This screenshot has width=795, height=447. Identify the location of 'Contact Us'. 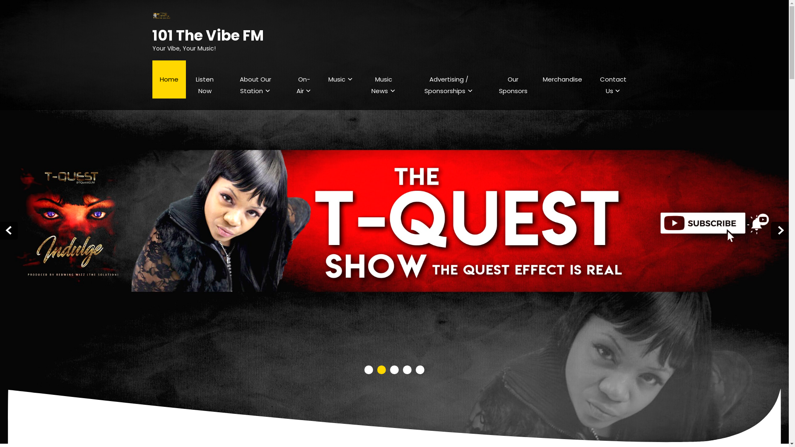
(613, 85).